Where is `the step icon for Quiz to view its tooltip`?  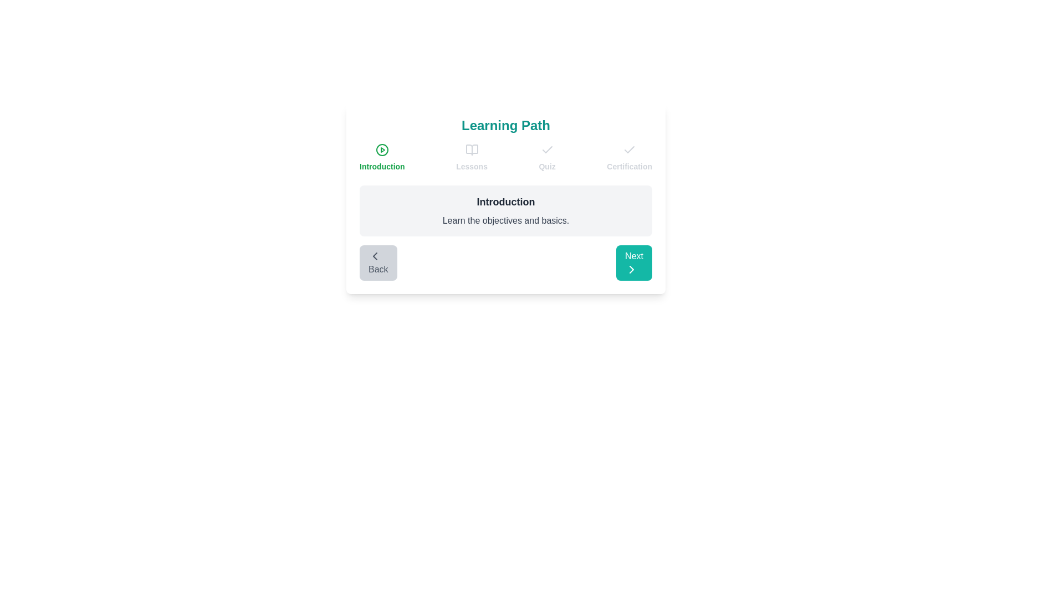
the step icon for Quiz to view its tooltip is located at coordinates (547, 149).